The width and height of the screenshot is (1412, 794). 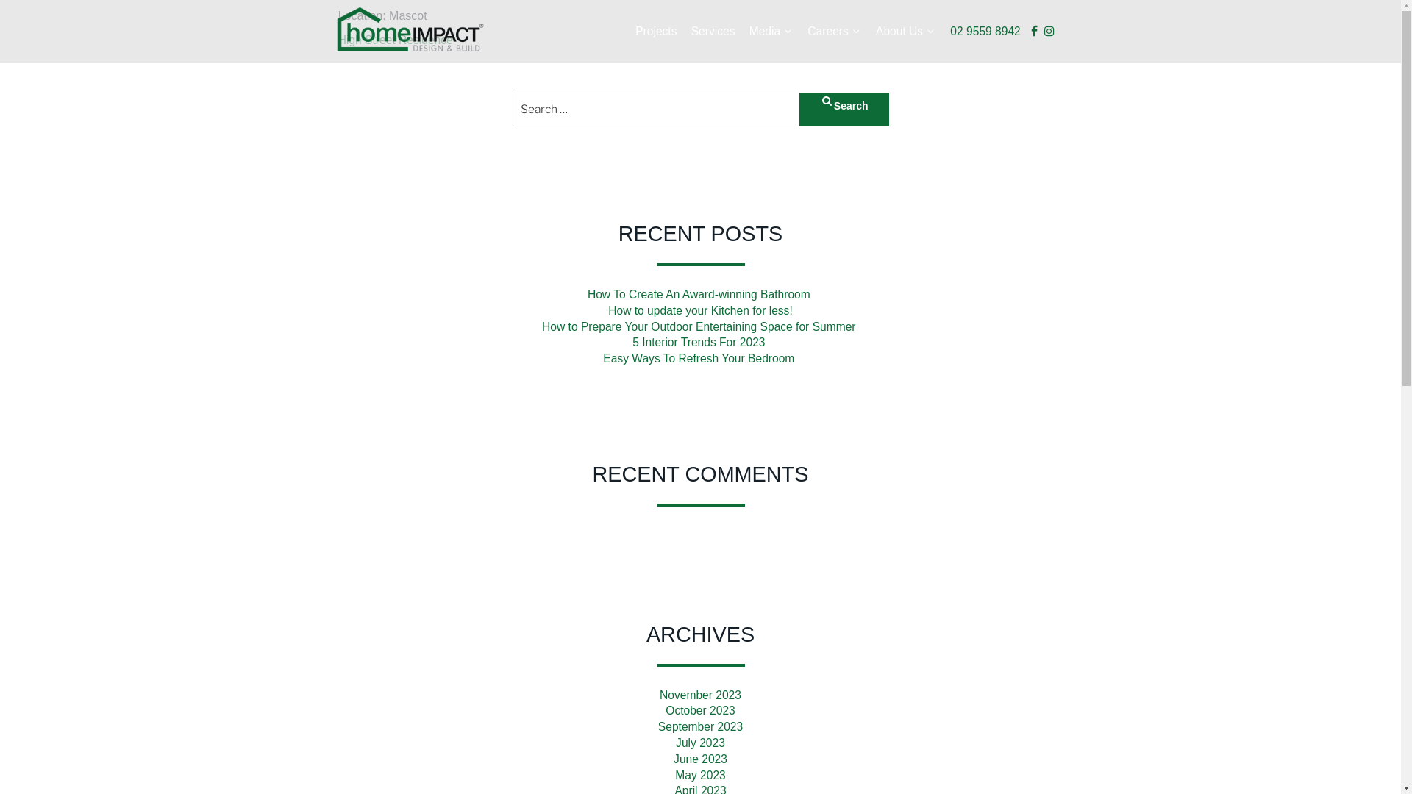 What do you see at coordinates (905, 31) in the screenshot?
I see `'About Us'` at bounding box center [905, 31].